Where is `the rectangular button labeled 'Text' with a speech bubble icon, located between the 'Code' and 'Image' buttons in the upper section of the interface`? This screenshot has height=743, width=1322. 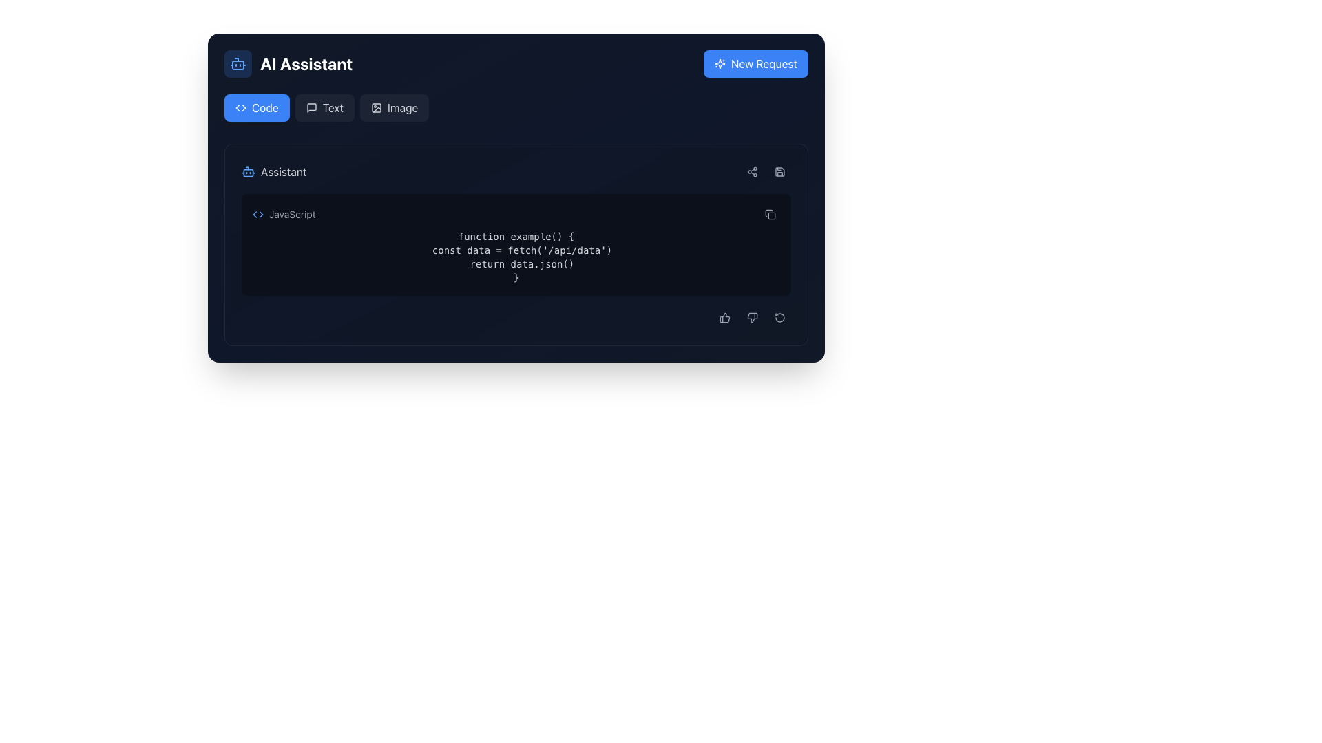
the rectangular button labeled 'Text' with a speech bubble icon, located between the 'Code' and 'Image' buttons in the upper section of the interface is located at coordinates (324, 107).